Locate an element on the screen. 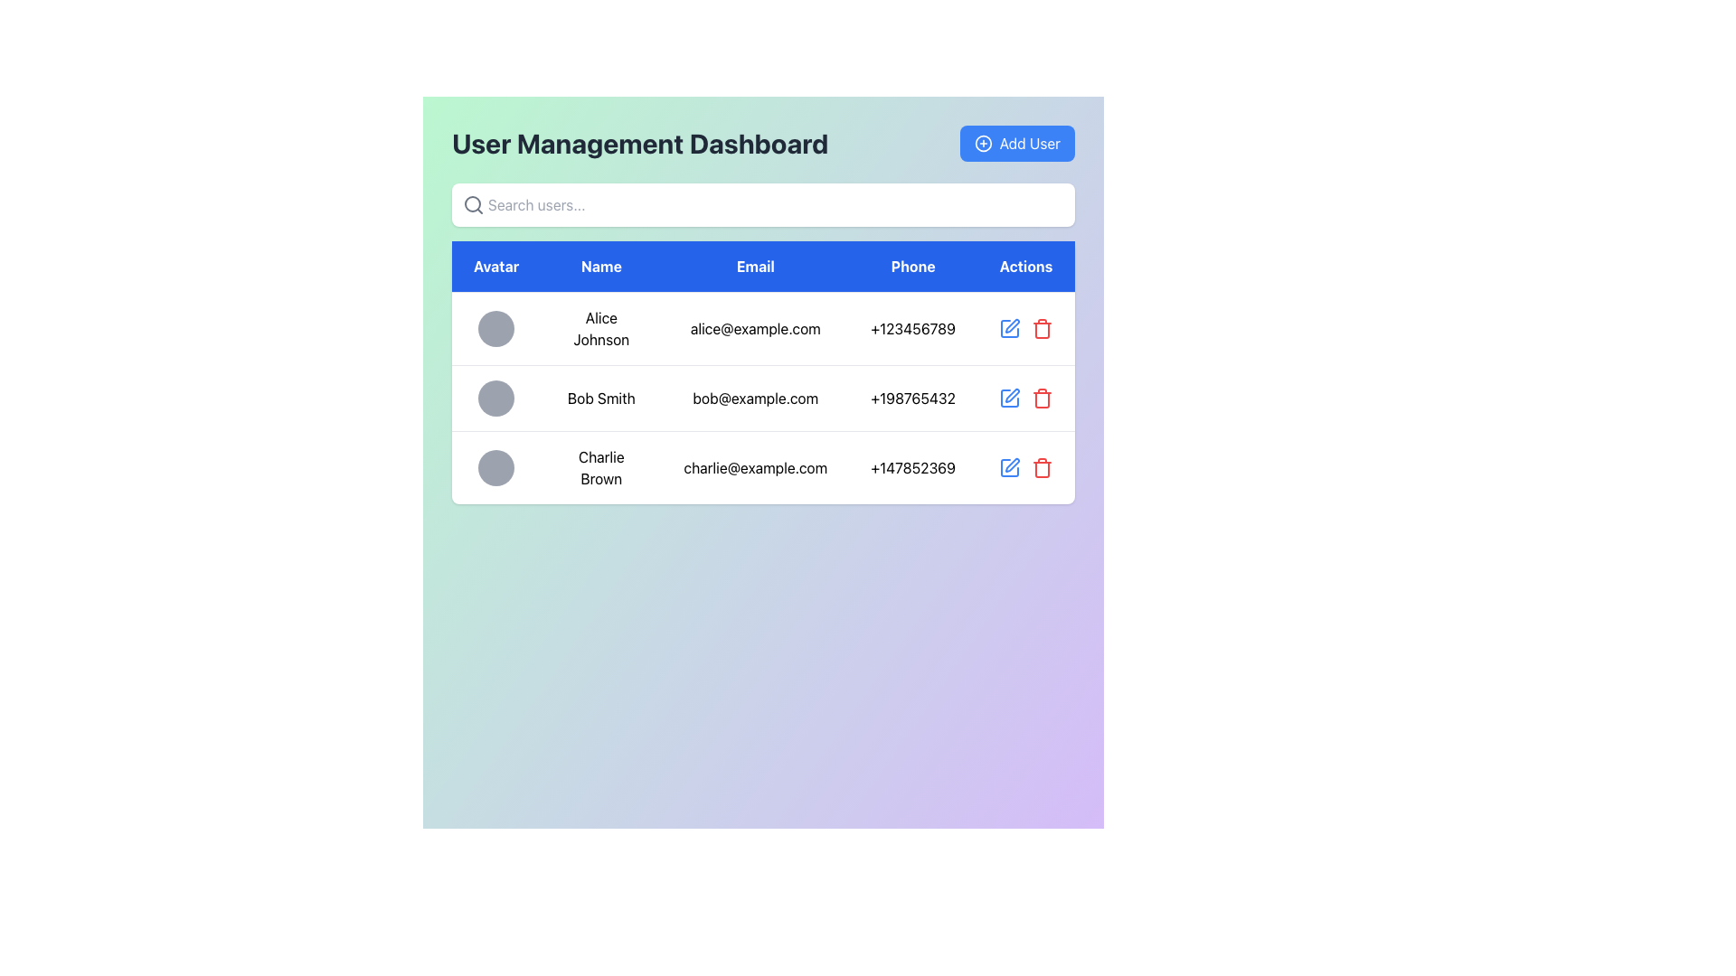 The height and width of the screenshot is (976, 1736). the upper-left part of the edit icon in the 'Actions' column of the third row in the user management table is located at coordinates (1009, 466).